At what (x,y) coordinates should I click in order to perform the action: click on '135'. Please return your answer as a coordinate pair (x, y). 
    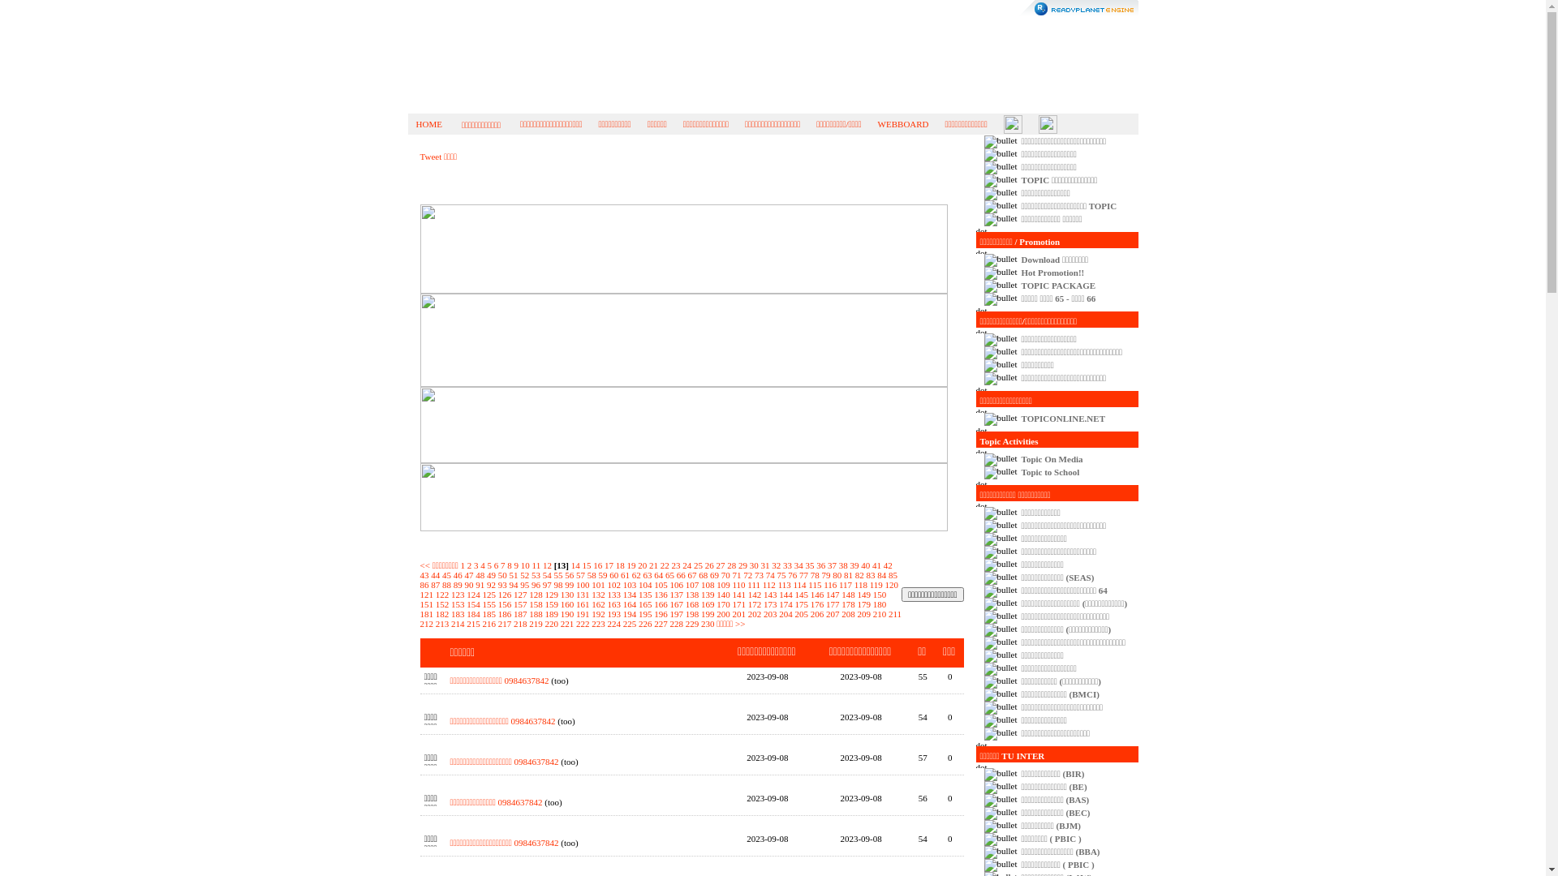
    Looking at the image, I should click on (644, 594).